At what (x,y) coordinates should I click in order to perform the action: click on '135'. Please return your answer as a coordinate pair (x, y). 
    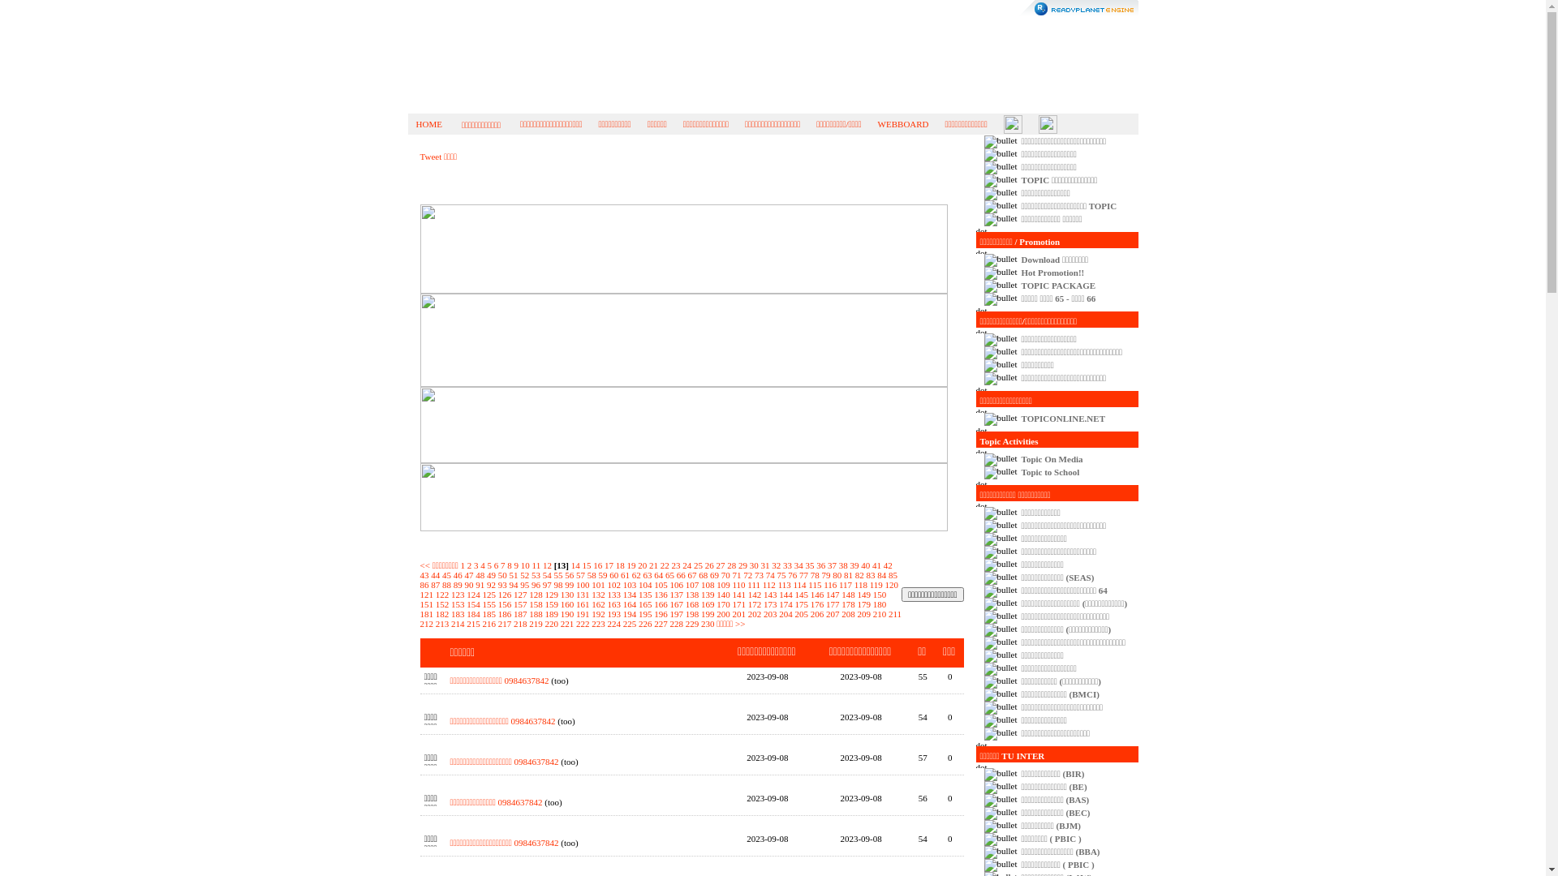
    Looking at the image, I should click on (644, 594).